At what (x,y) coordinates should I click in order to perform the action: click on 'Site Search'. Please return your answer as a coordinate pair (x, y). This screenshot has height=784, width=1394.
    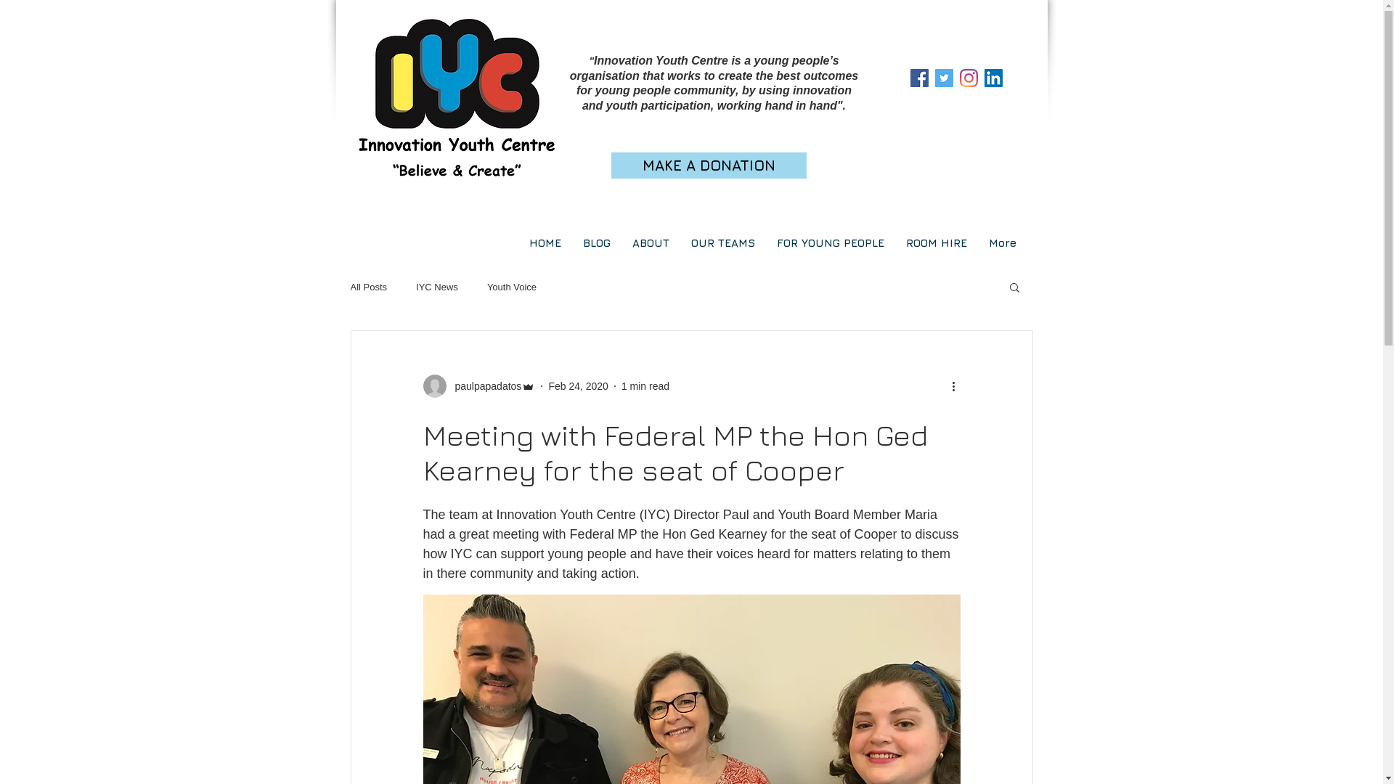
    Looking at the image, I should click on (959, 164).